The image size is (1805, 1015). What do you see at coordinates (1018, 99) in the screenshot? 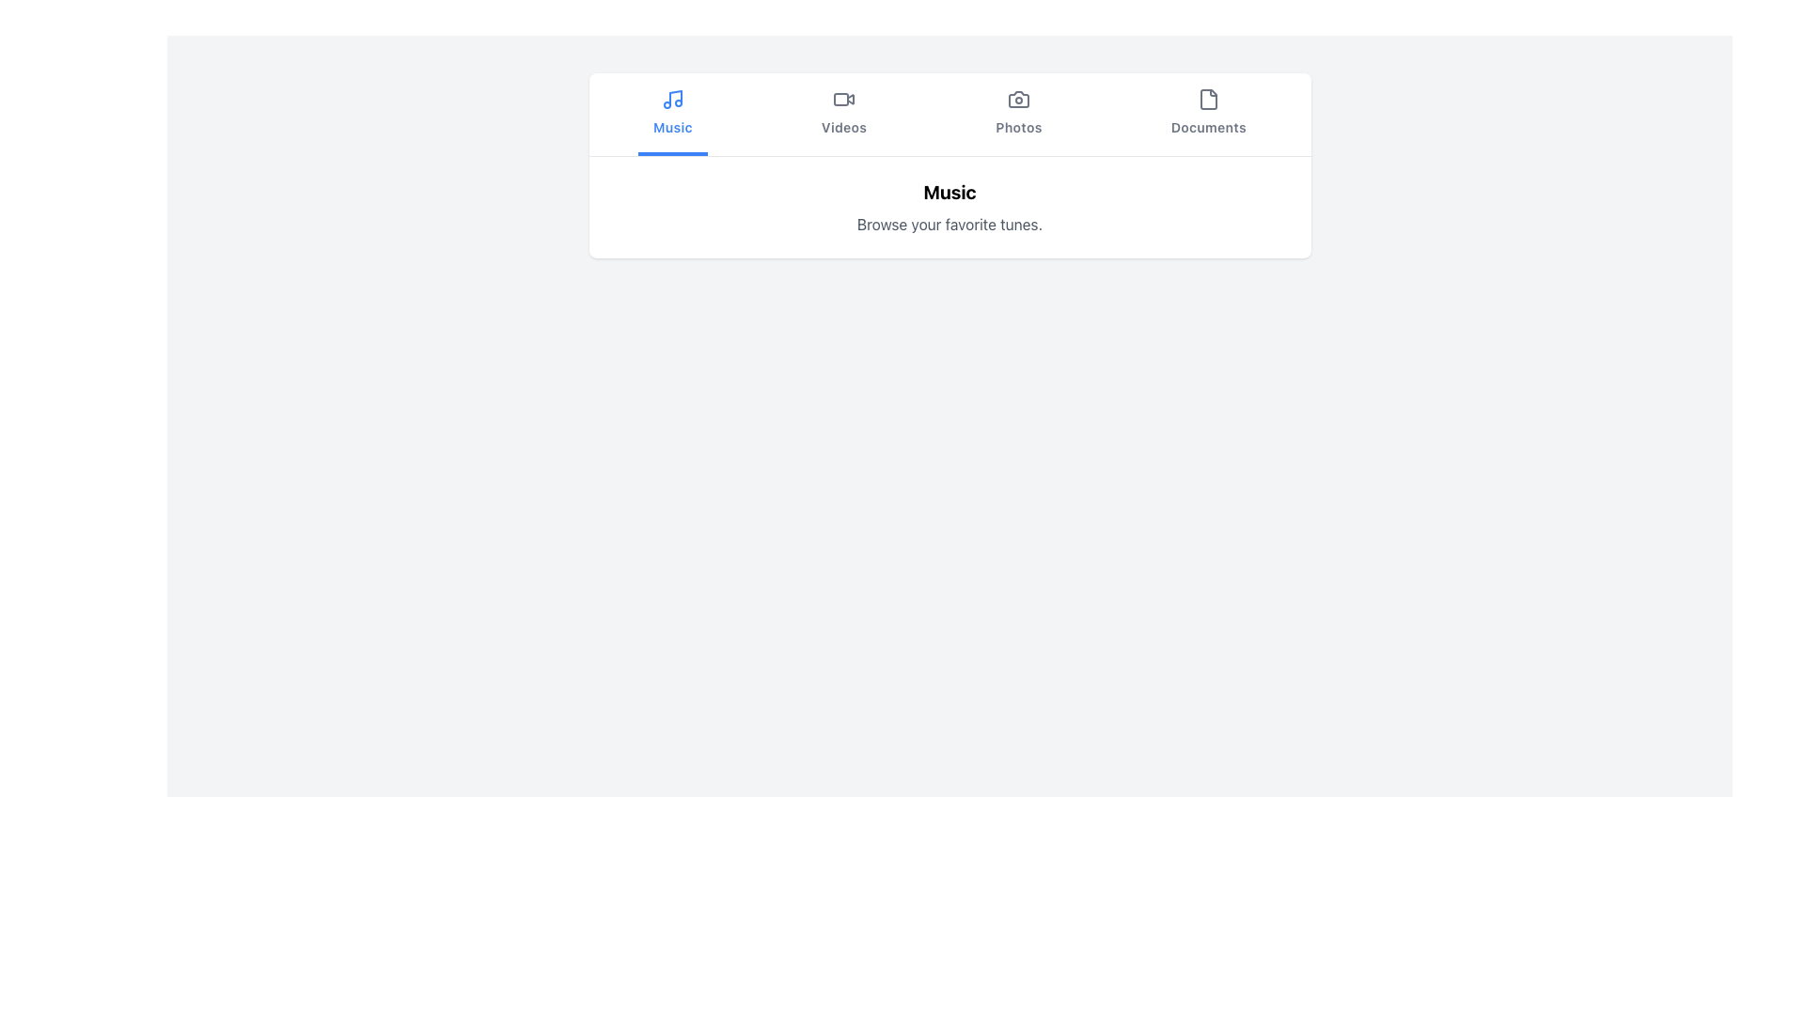
I see `the camera icon in the 'Photos' navigation tab, which serves as an illustrative icon helping users identify its functionality` at bounding box center [1018, 99].